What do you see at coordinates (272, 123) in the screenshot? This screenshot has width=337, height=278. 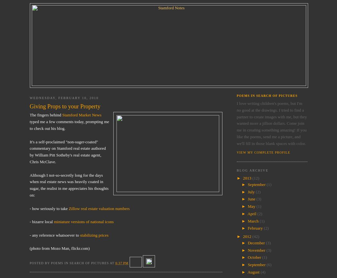 I see `'I love writing children's poems, but I'm no good at the drawings. I tried to find a partner to create images with me, but they wanted more a jillion dollars. Come join me in creating something amazing!  If you like the poems, send me a picture, and we'll fill in those blank spaces with color.'` at bounding box center [272, 123].